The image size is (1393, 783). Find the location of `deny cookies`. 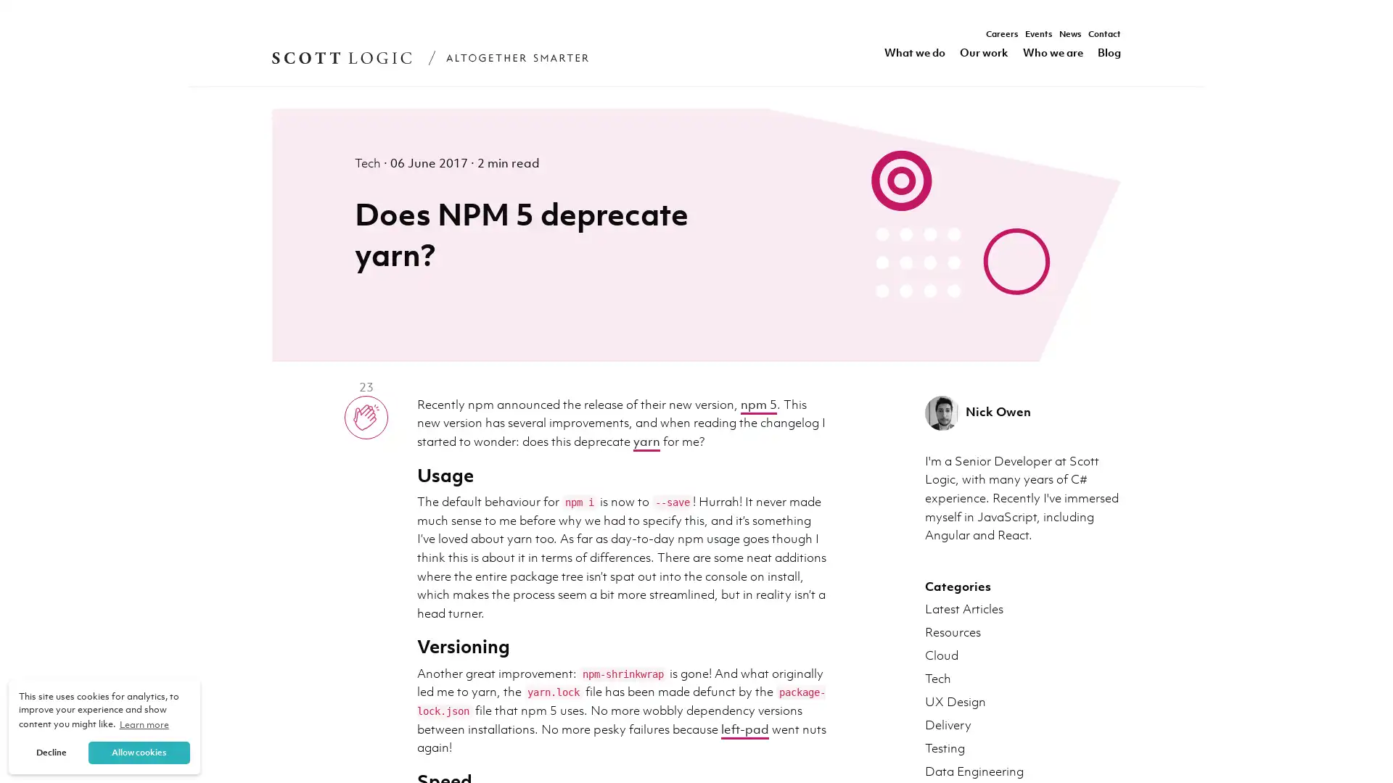

deny cookies is located at coordinates (52, 751).